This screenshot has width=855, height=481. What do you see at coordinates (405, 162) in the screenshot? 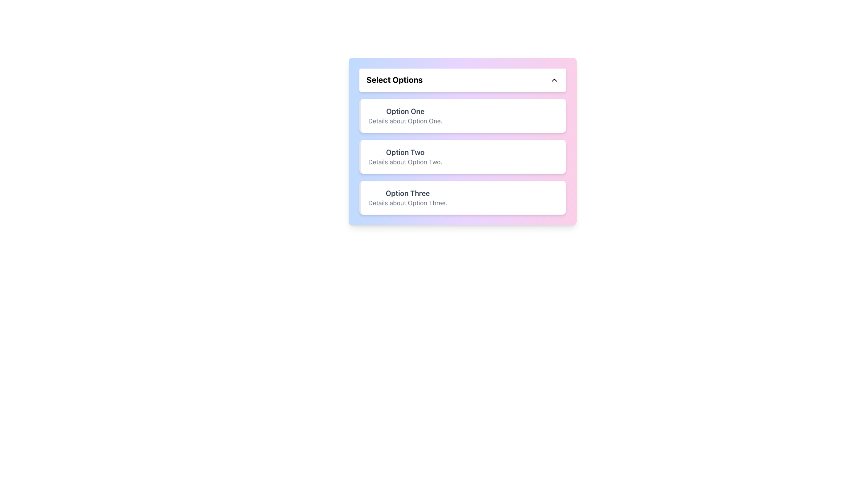
I see `the descriptive text label providing additional information about 'Option Two', which is located under 'Option Two' in the vertically stacked list` at bounding box center [405, 162].